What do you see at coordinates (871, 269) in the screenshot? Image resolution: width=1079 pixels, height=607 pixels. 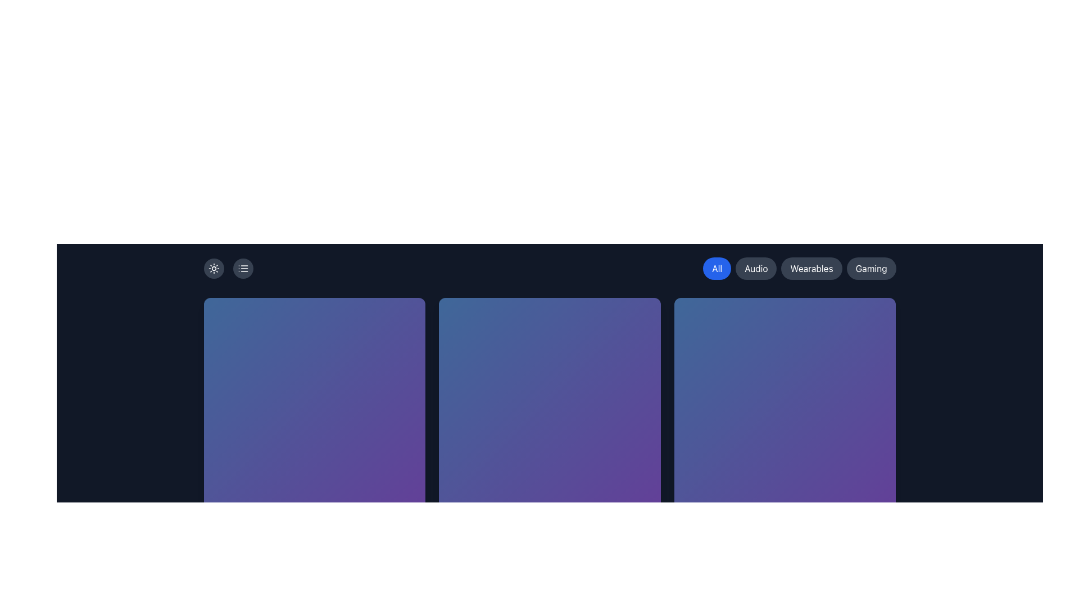 I see `the 'Gaming' button located in the top-right section of the horizontal navigation menu` at bounding box center [871, 269].